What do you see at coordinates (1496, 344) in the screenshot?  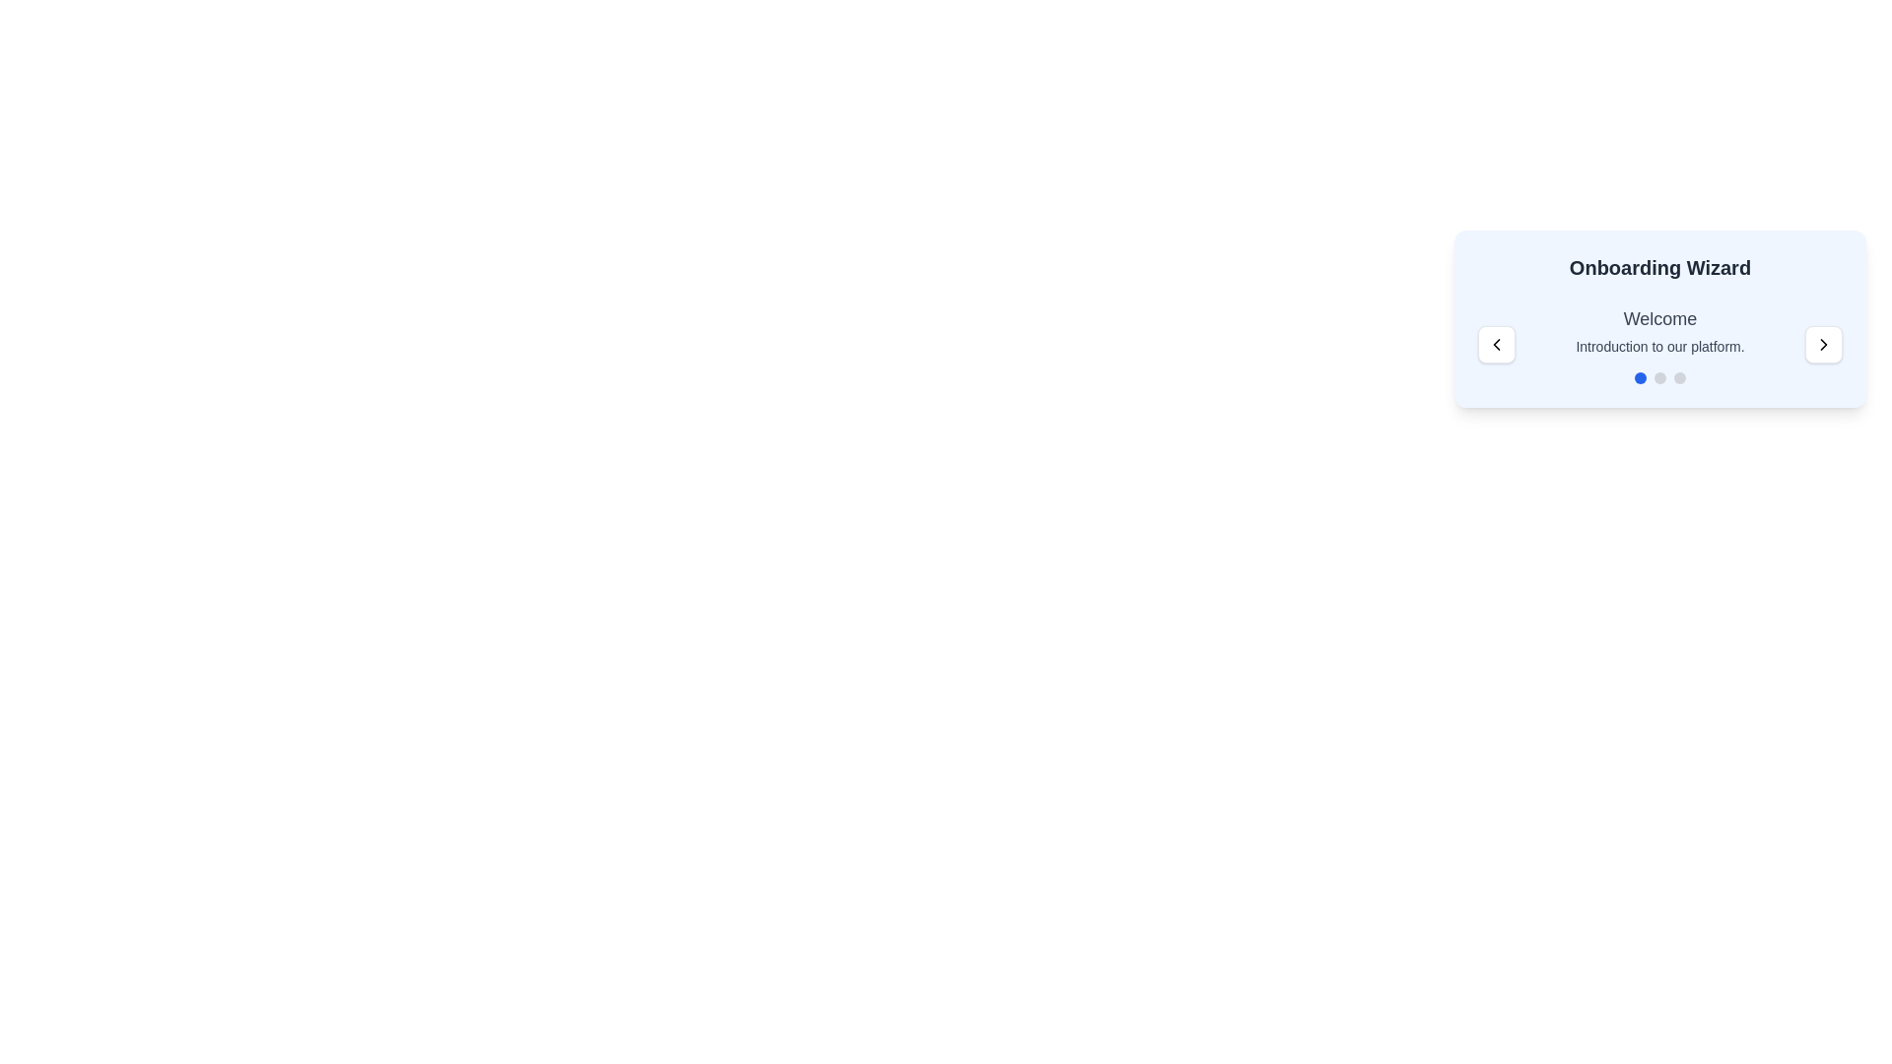 I see `the left-facing chevron button` at bounding box center [1496, 344].